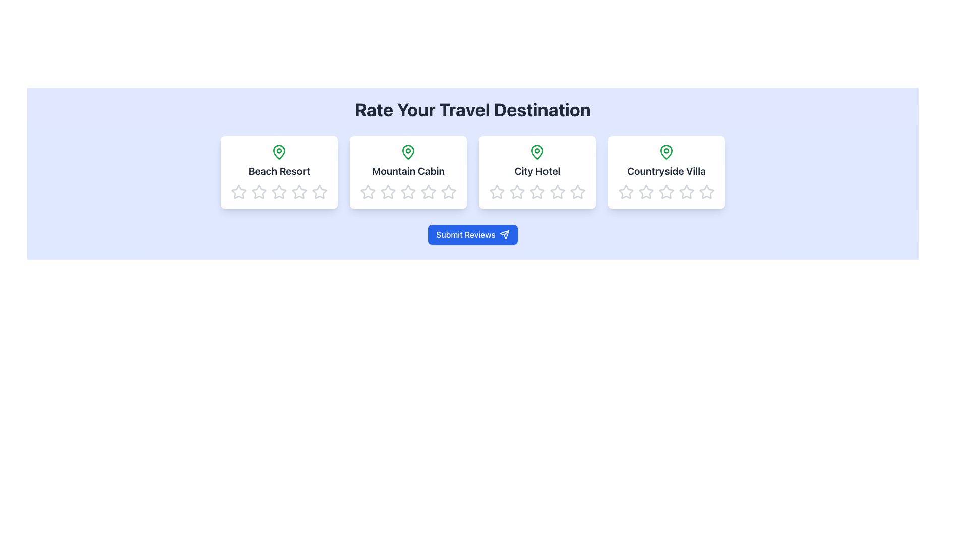  I want to click on the fifth star icon to rate 'Countryside Villa' in the user interface, so click(706, 192).